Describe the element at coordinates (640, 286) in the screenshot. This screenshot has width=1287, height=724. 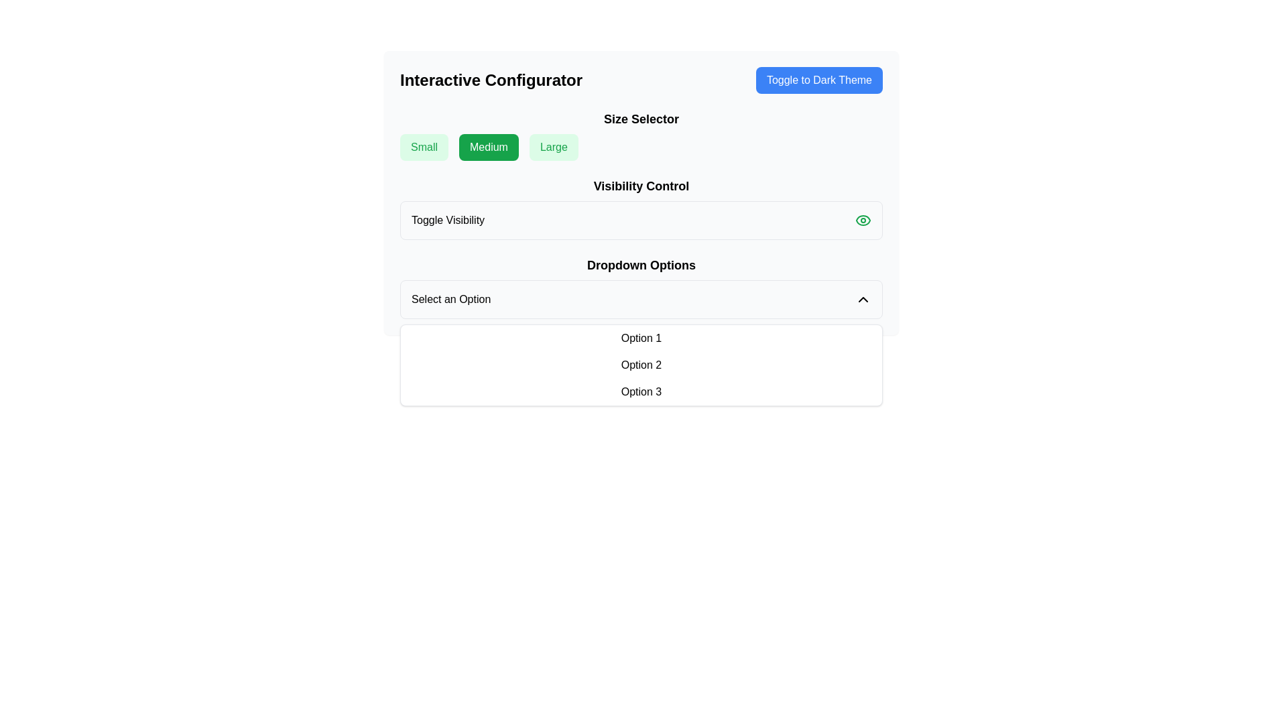
I see `the dropdown menu located directly below the 'Toggle Visibility' button` at that location.